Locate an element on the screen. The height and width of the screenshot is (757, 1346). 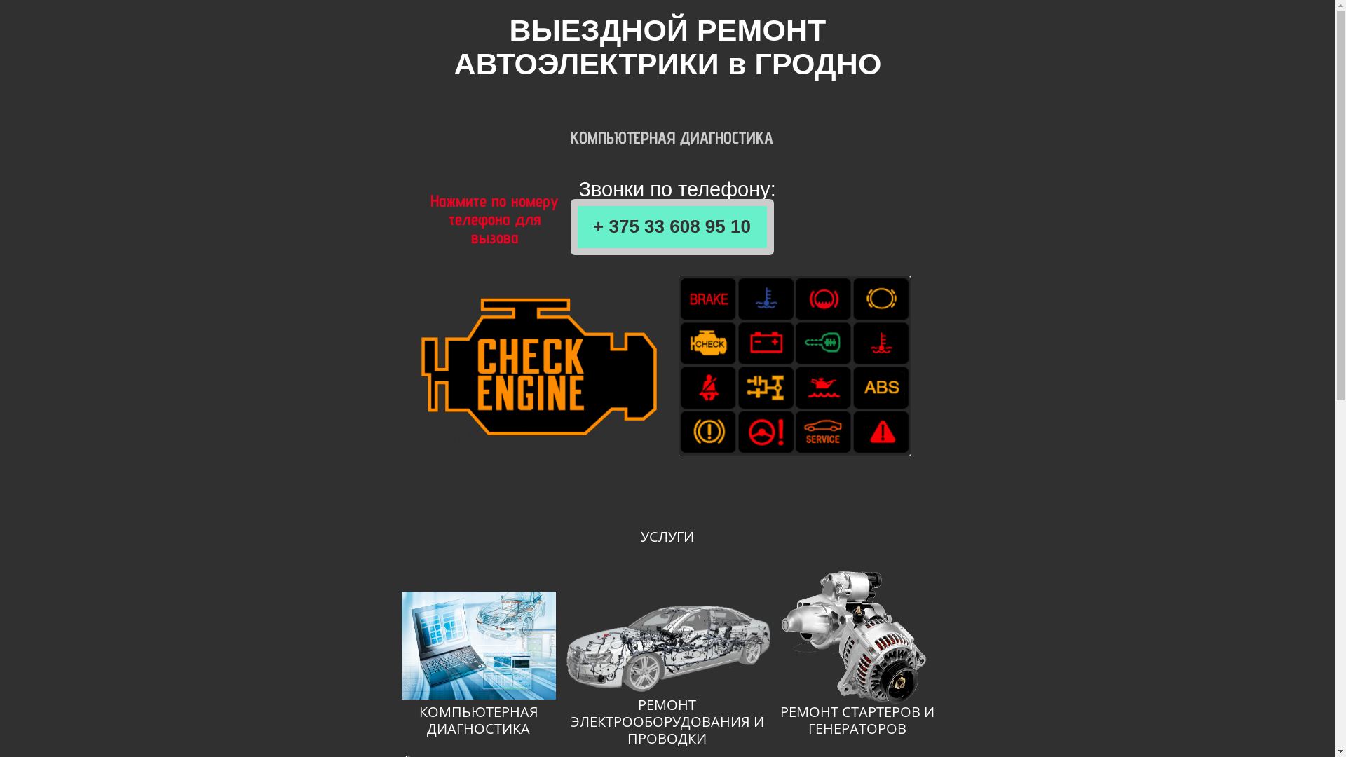
'+ 375 33 608 95 10' is located at coordinates (672, 226).